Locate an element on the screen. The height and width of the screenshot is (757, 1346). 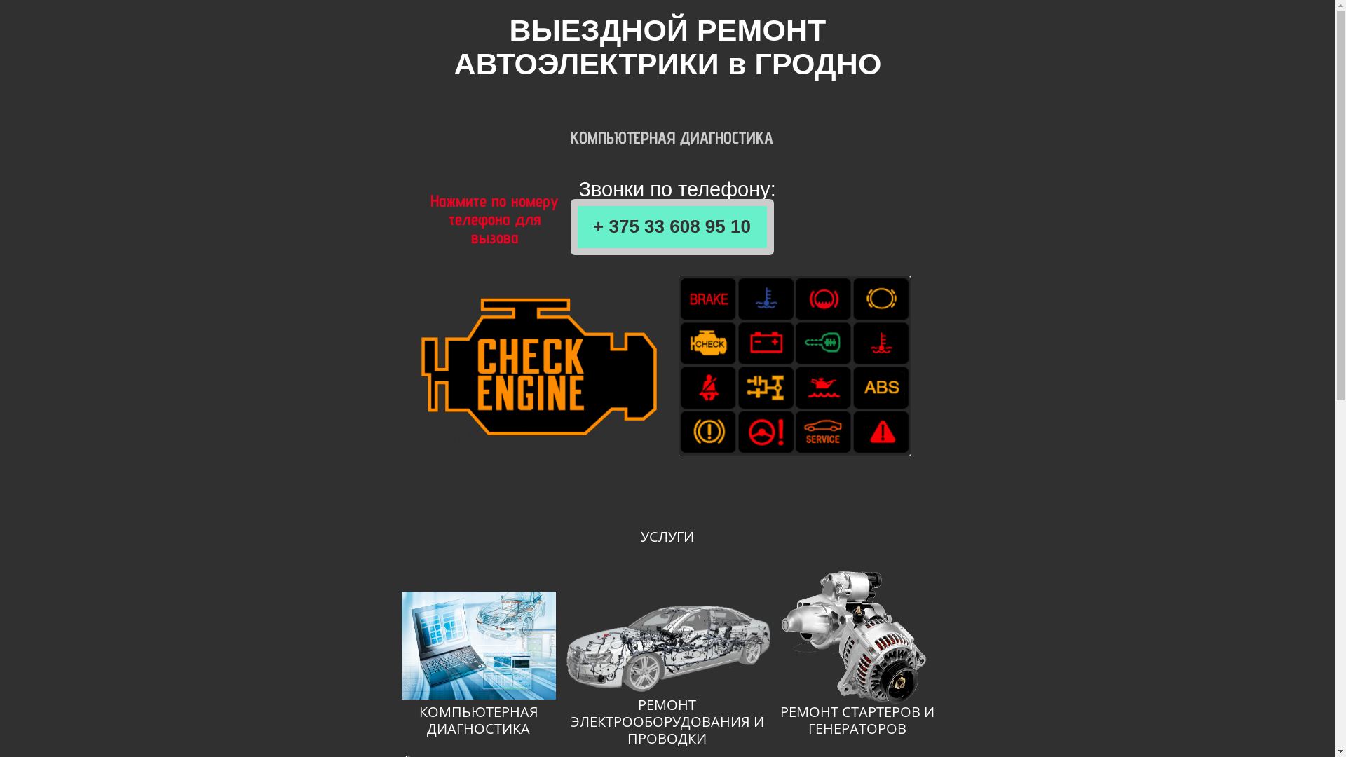
'+ 375 33 608 95 10' is located at coordinates (672, 226).